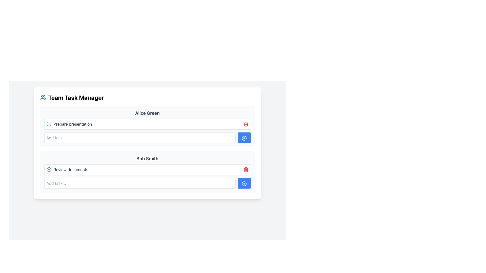 The width and height of the screenshot is (486, 273). Describe the element at coordinates (244, 138) in the screenshot. I see `the rounded rectangular blue button with a white plus icon` at that location.